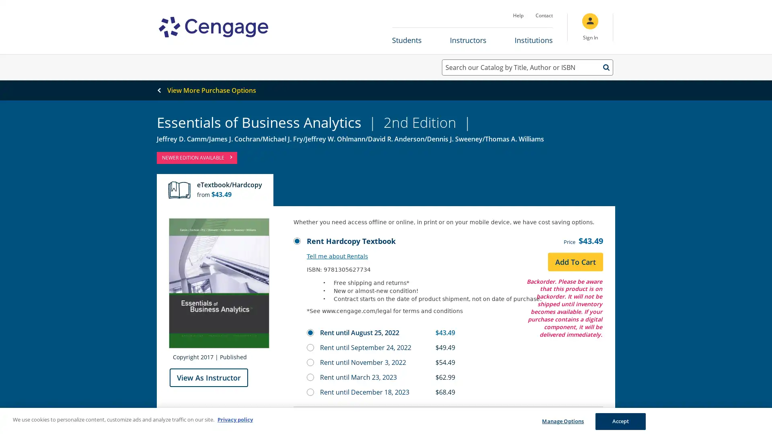 The height and width of the screenshot is (434, 772). Describe the element at coordinates (575, 262) in the screenshot. I see `Add To Cart` at that location.